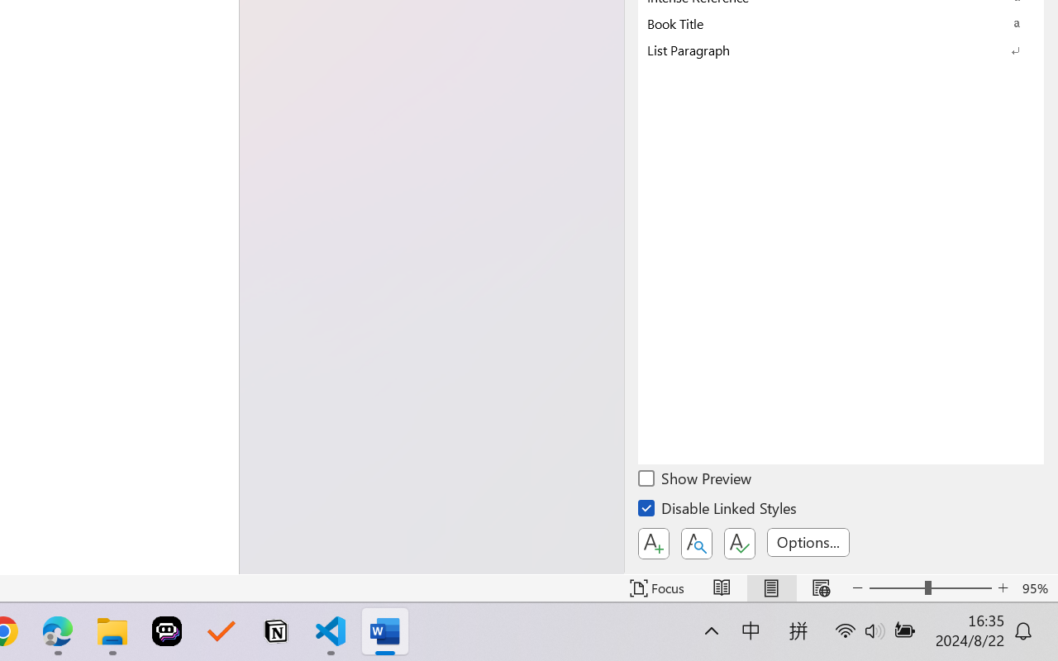 The width and height of the screenshot is (1058, 661). Describe the element at coordinates (1035, 587) in the screenshot. I see `'Zoom 95%'` at that location.